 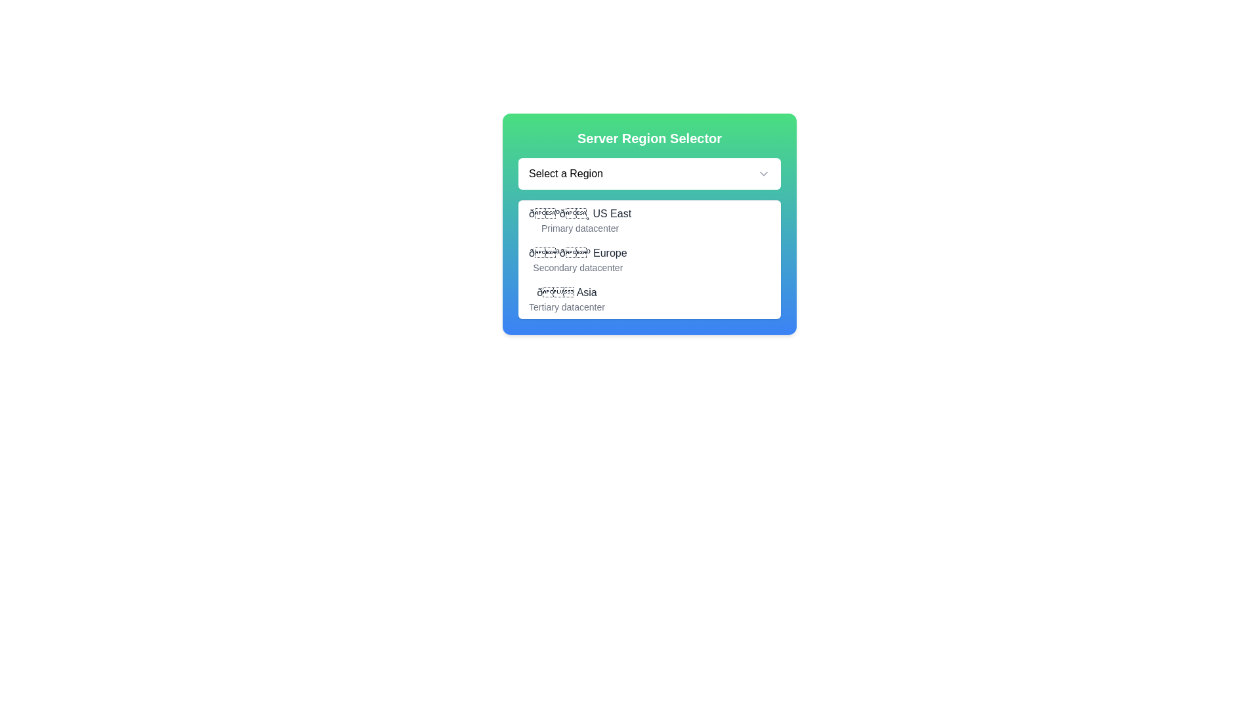 I want to click on the text label containing '🇪🇺 Europe' located in the dropdown menu, so click(x=577, y=253).